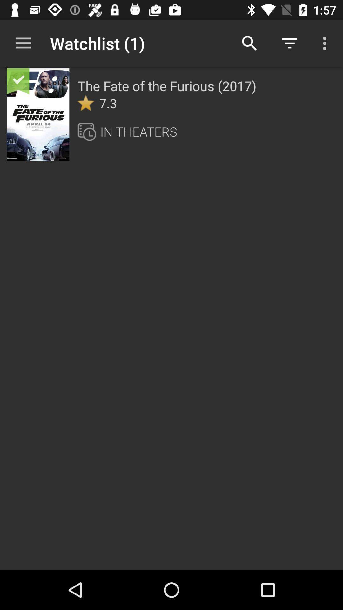 This screenshot has height=610, width=343. Describe the element at coordinates (38, 114) in the screenshot. I see `the item next to the fate of icon` at that location.